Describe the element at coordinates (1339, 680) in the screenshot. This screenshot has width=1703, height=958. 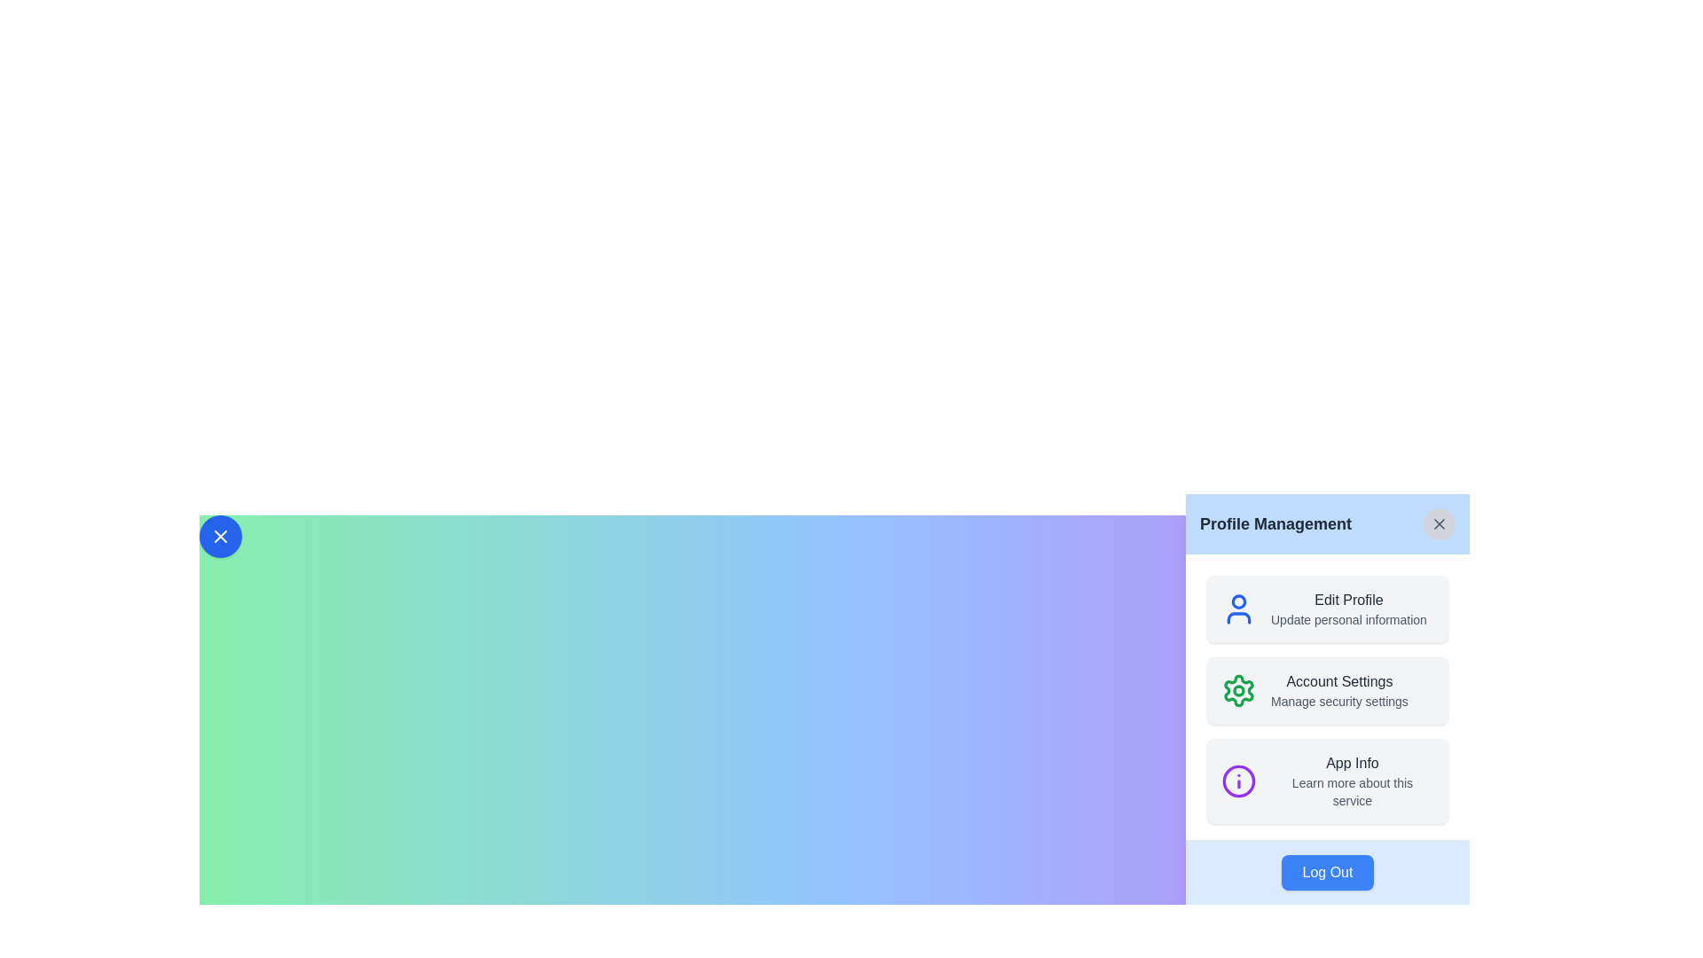
I see `the static text indicating account settings in the Profile Management card, which is positioned above the 'Manage security settings' description and below the 'Edit Profile' section` at that location.